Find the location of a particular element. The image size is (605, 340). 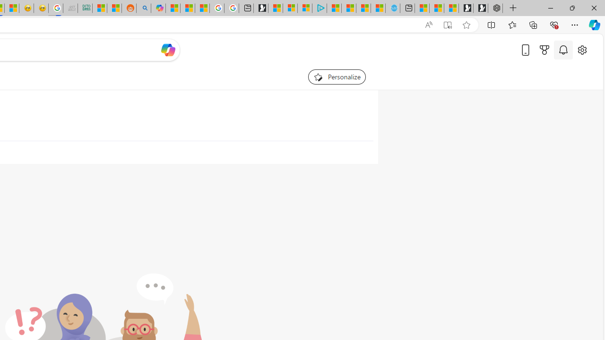

'New Tab' is located at coordinates (513, 8).